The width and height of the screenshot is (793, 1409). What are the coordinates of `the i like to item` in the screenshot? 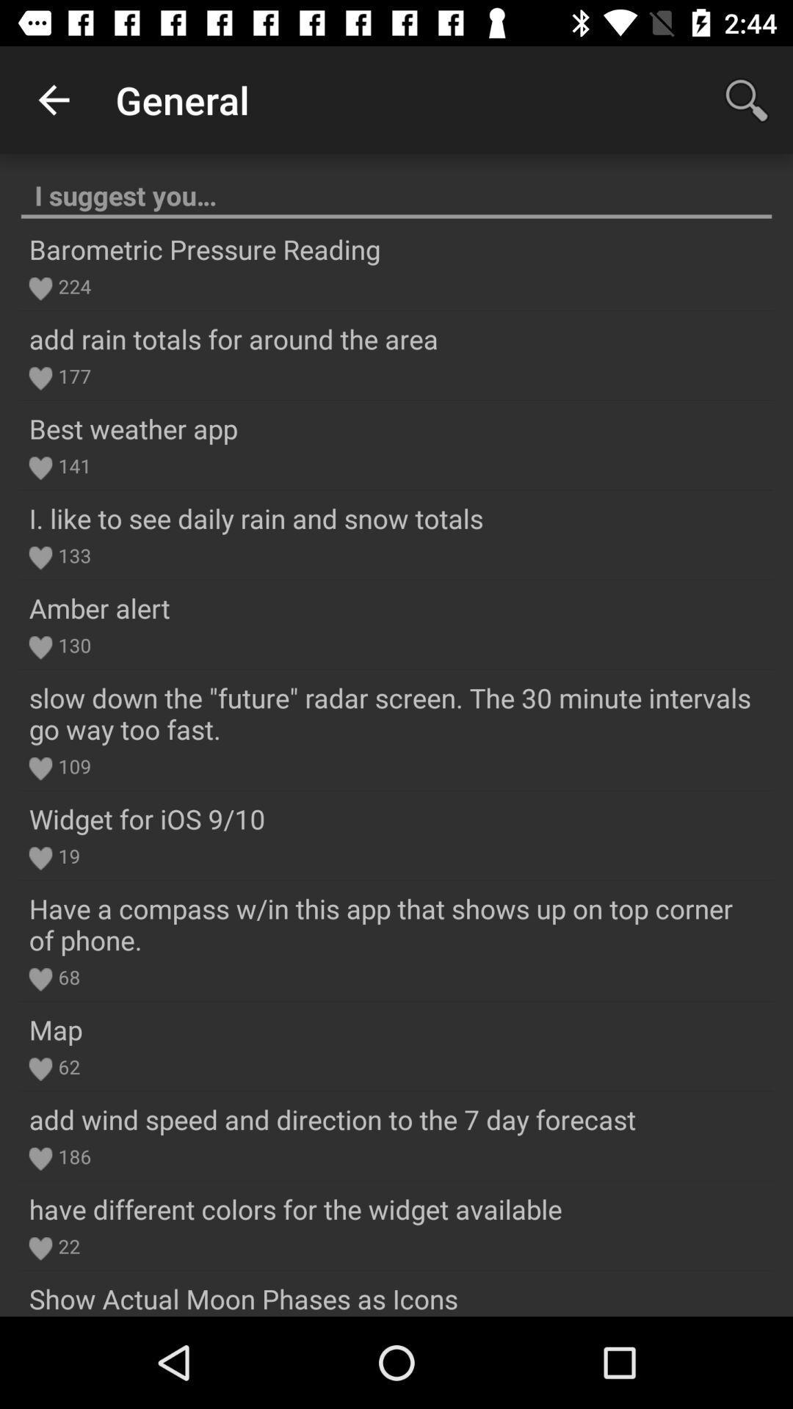 It's located at (256, 518).